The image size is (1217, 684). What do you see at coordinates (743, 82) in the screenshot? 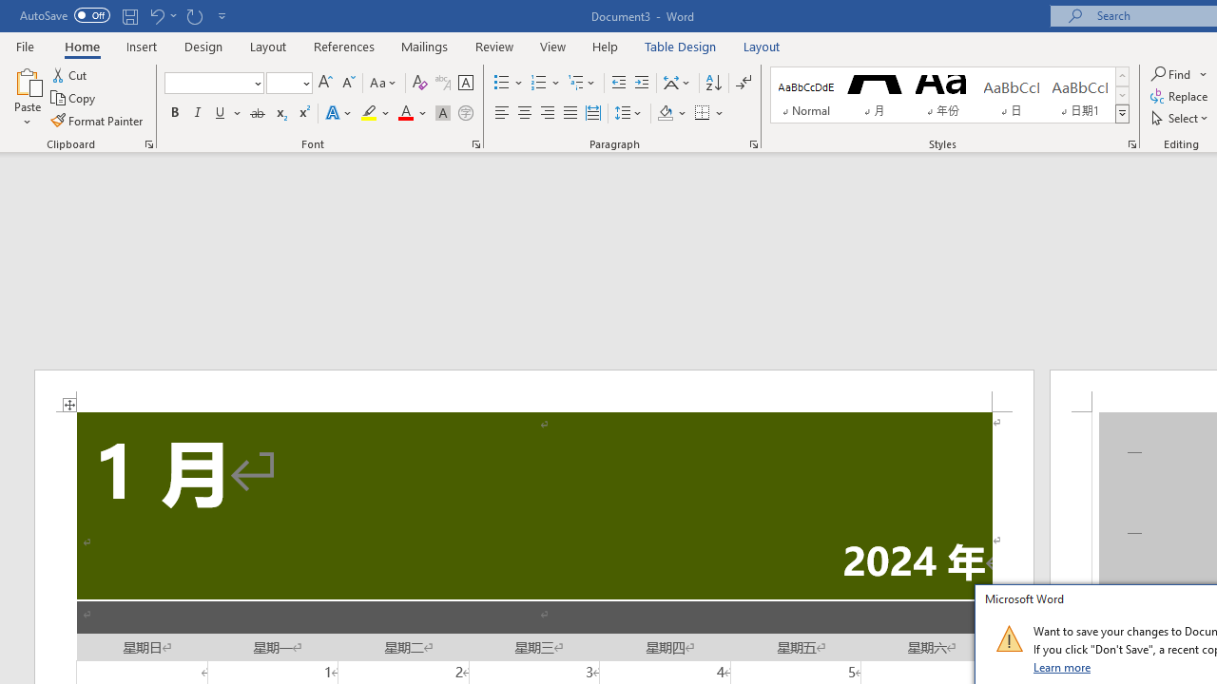
I see `'Show/Hide Editing Marks'` at bounding box center [743, 82].